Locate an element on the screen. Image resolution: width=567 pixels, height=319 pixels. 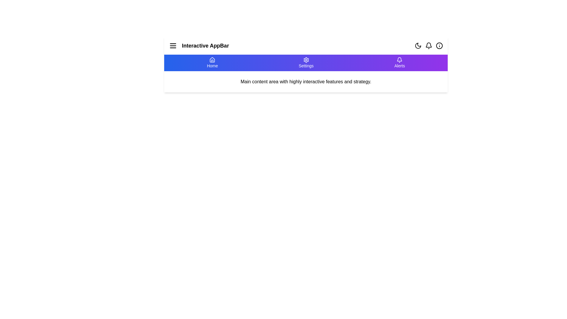
the moon/sun icon to toggle the dark mode is located at coordinates (418, 45).